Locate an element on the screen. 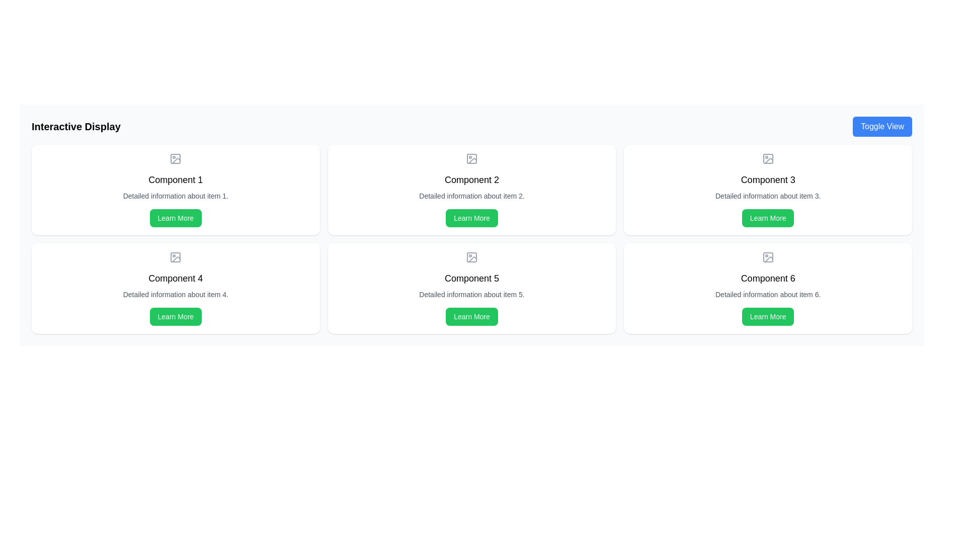 The width and height of the screenshot is (966, 543). the icon resembling a picture frame with a small circular dot, located at the top center of the component card labeled 'Component 6' is located at coordinates (767, 257).